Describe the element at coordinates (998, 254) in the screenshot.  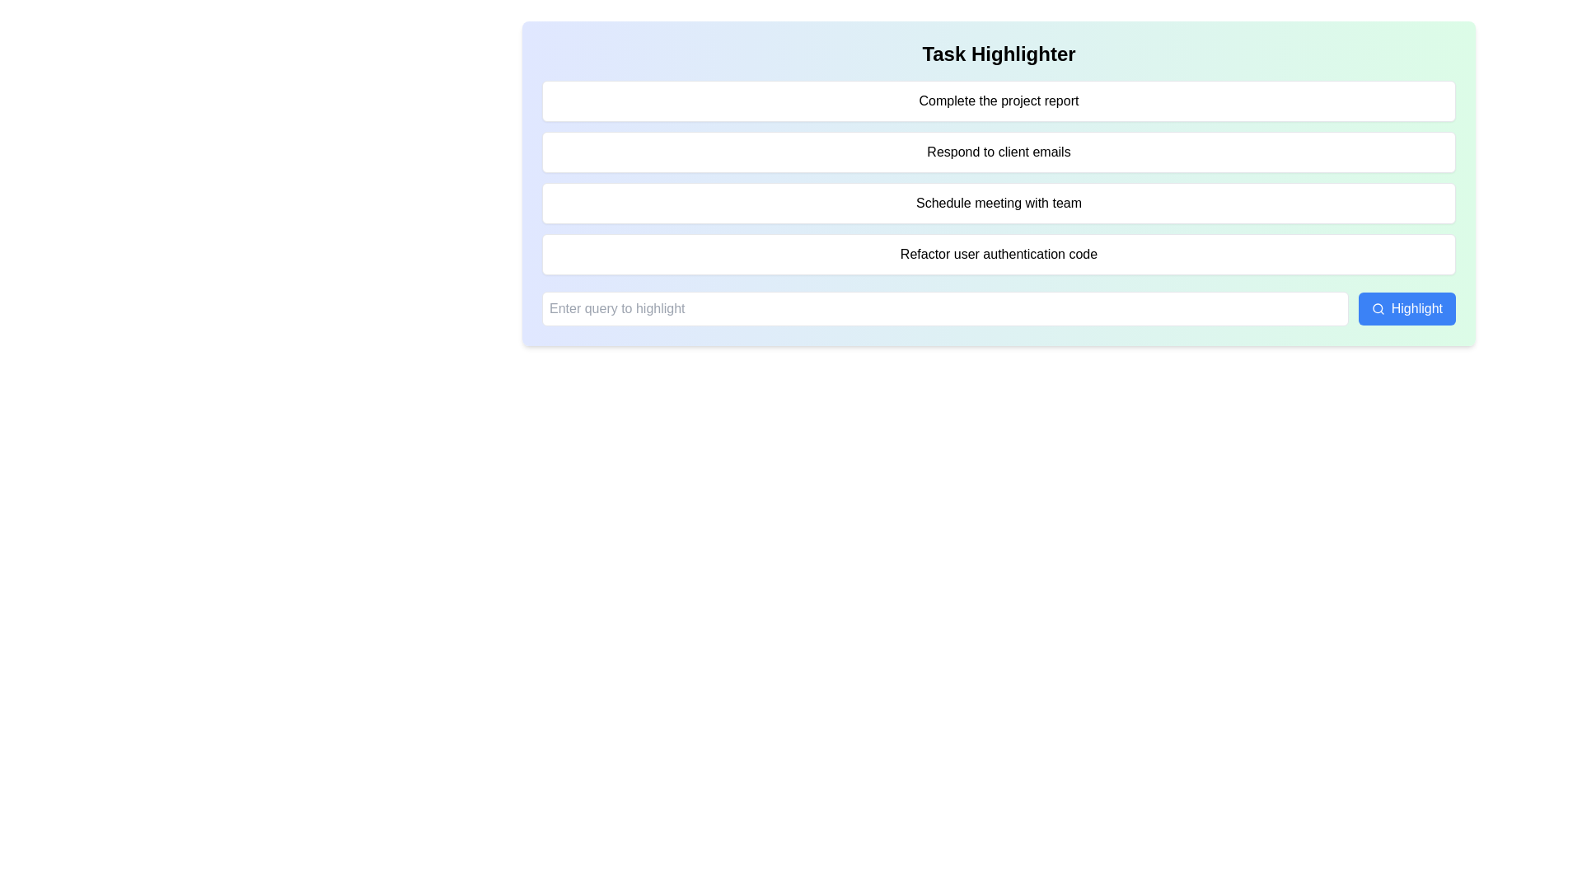
I see `the rectangular button labeled 'Refactor user authentication code' to trigger its hover effect` at that location.